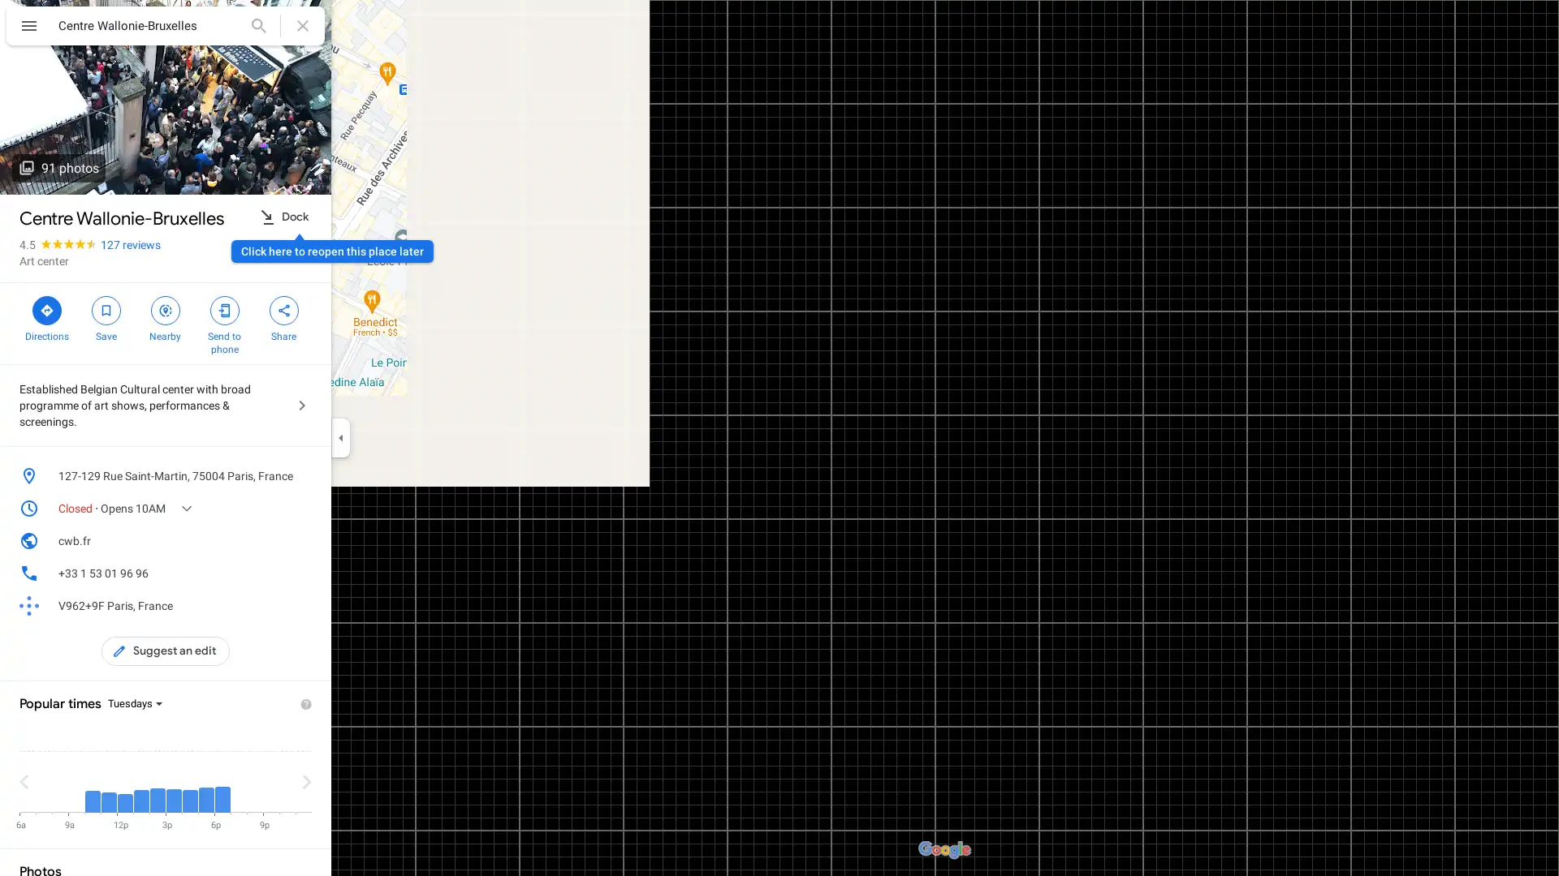  What do you see at coordinates (59, 244) in the screenshot?
I see `4.5 stars` at bounding box center [59, 244].